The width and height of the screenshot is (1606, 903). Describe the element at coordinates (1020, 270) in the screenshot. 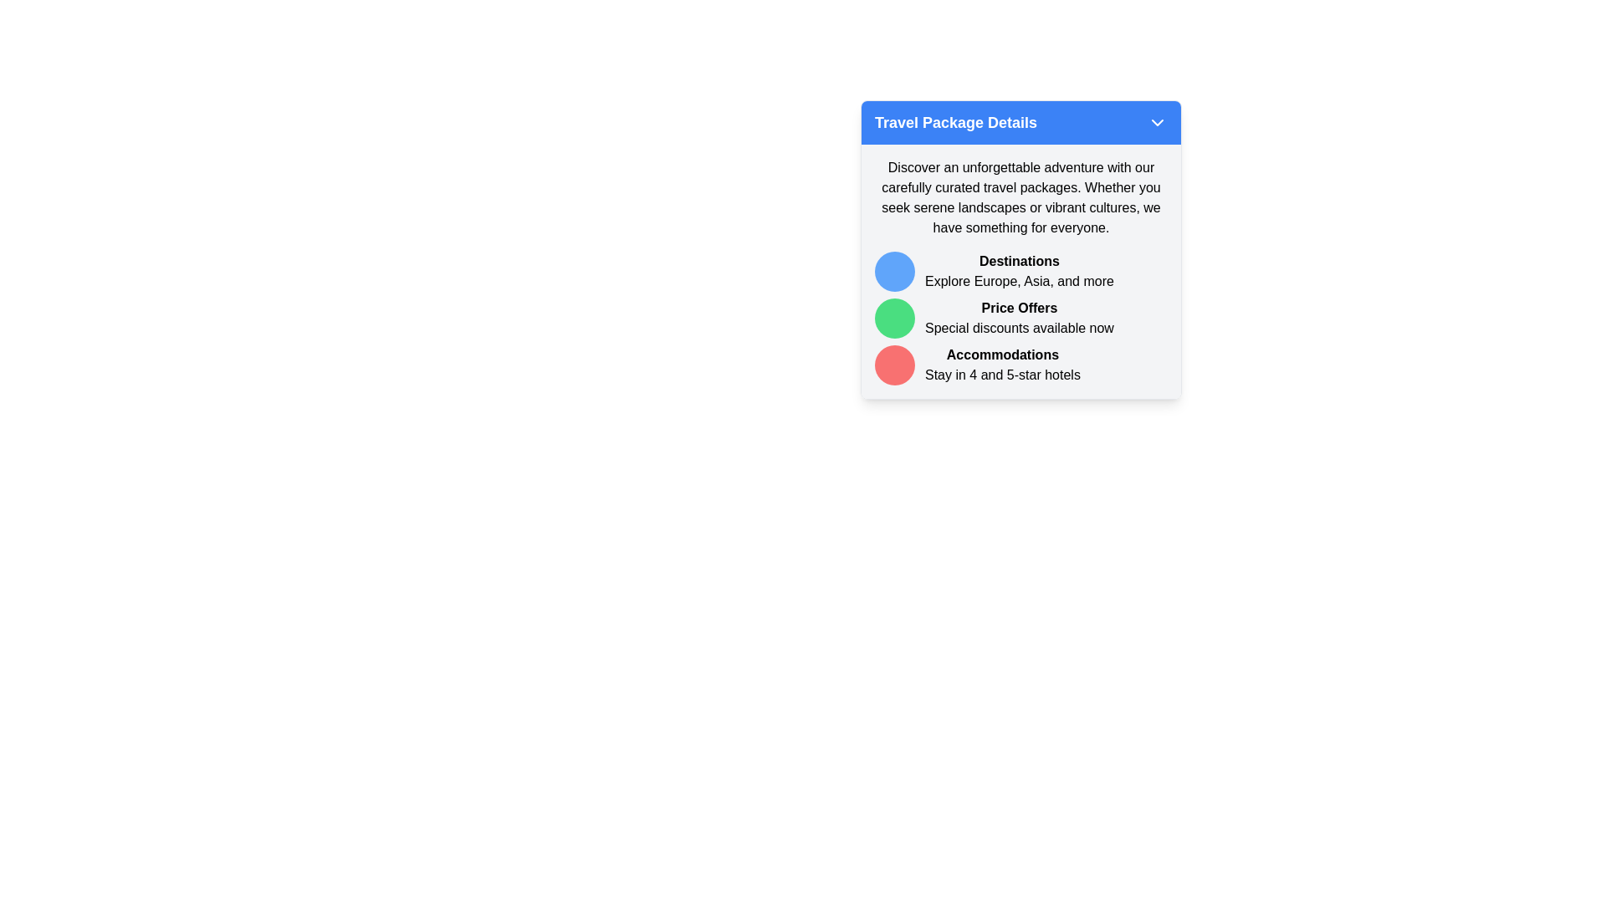

I see `the informational block titled 'Destinations' which contains a circular blue icon, a bolded header, and a subtext below it` at that location.